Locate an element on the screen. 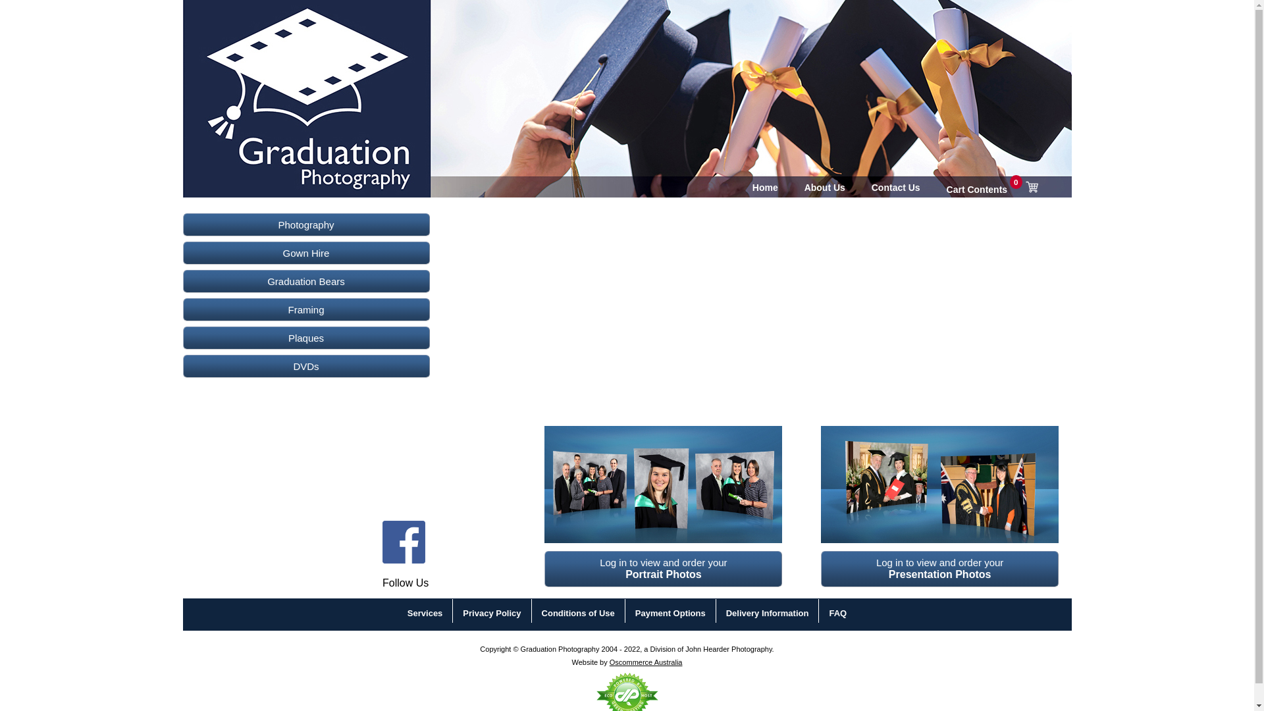 This screenshot has height=711, width=1264. 'Graduation Photography' is located at coordinates (265, 75).